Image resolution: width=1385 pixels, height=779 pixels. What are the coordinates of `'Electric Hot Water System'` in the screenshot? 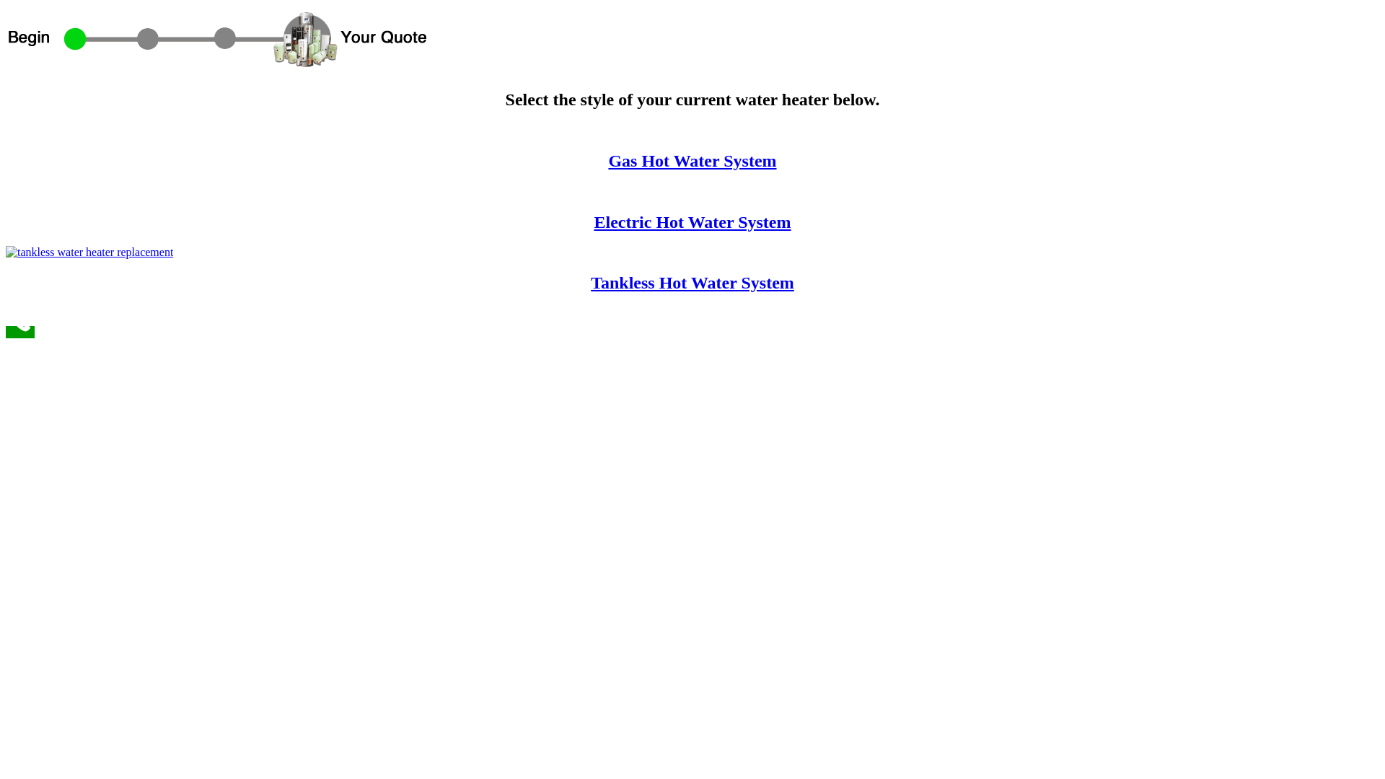 It's located at (691, 222).